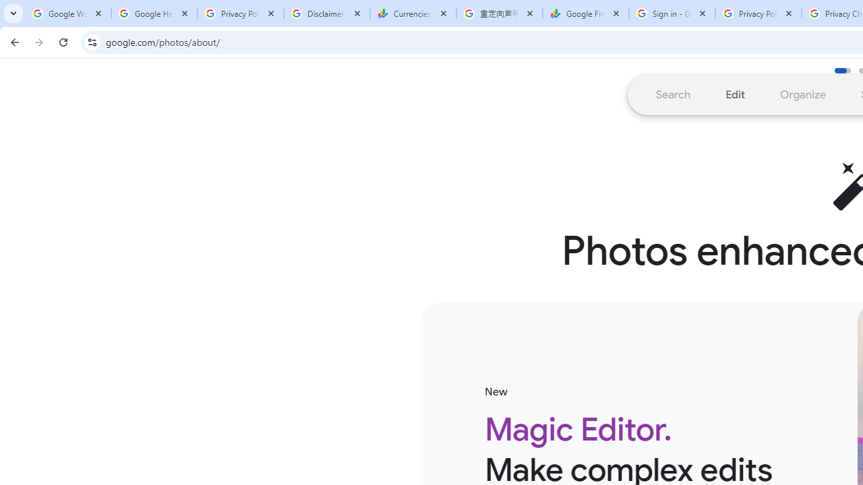  Describe the element at coordinates (413, 13) in the screenshot. I see `'Currencies - Google Finance'` at that location.